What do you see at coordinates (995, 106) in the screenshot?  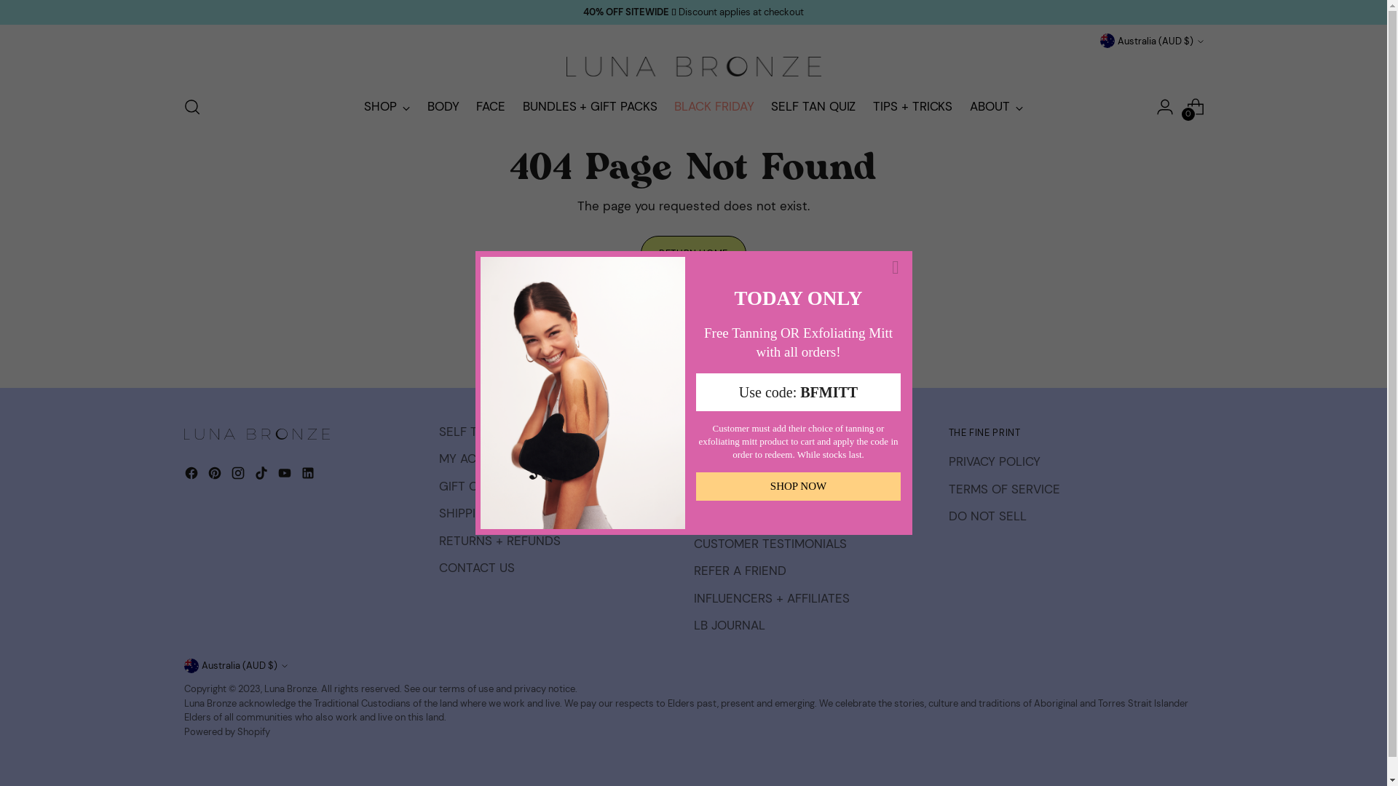 I see `'ABOUT'` at bounding box center [995, 106].